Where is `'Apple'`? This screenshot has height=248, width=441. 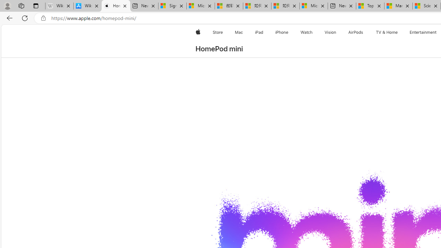
'Apple' is located at coordinates (197, 32).